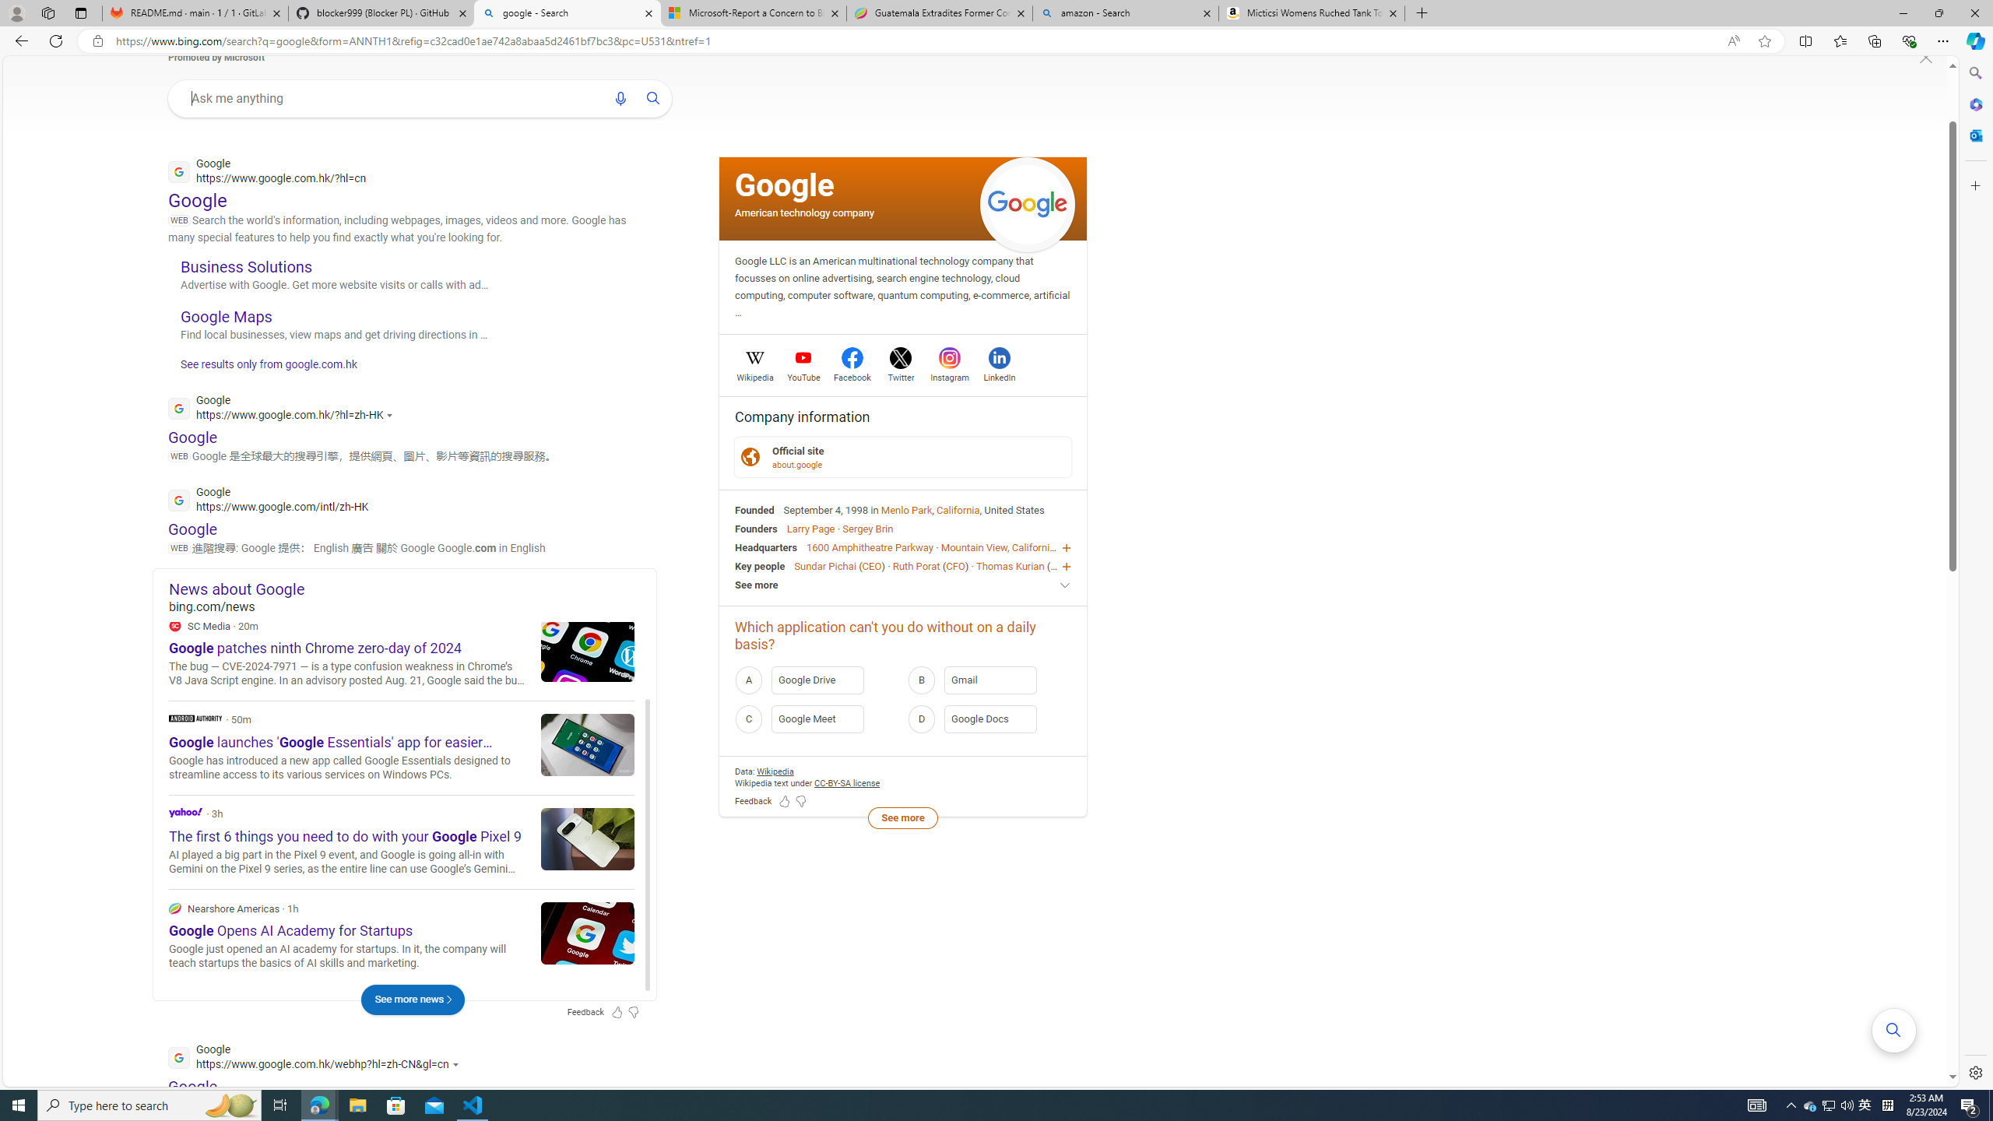  I want to click on 'google - Search', so click(568, 12).